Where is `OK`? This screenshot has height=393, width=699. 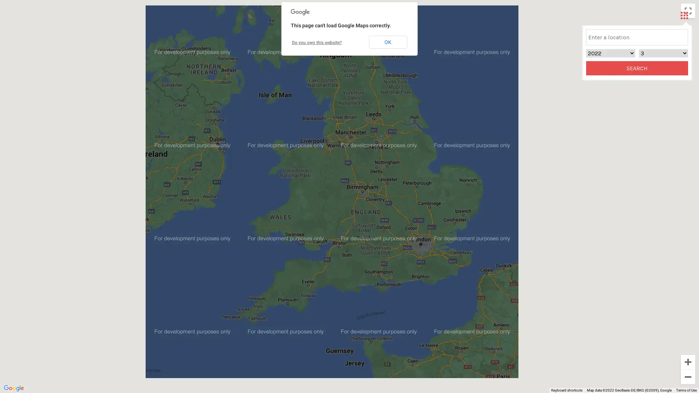
OK is located at coordinates (387, 42).